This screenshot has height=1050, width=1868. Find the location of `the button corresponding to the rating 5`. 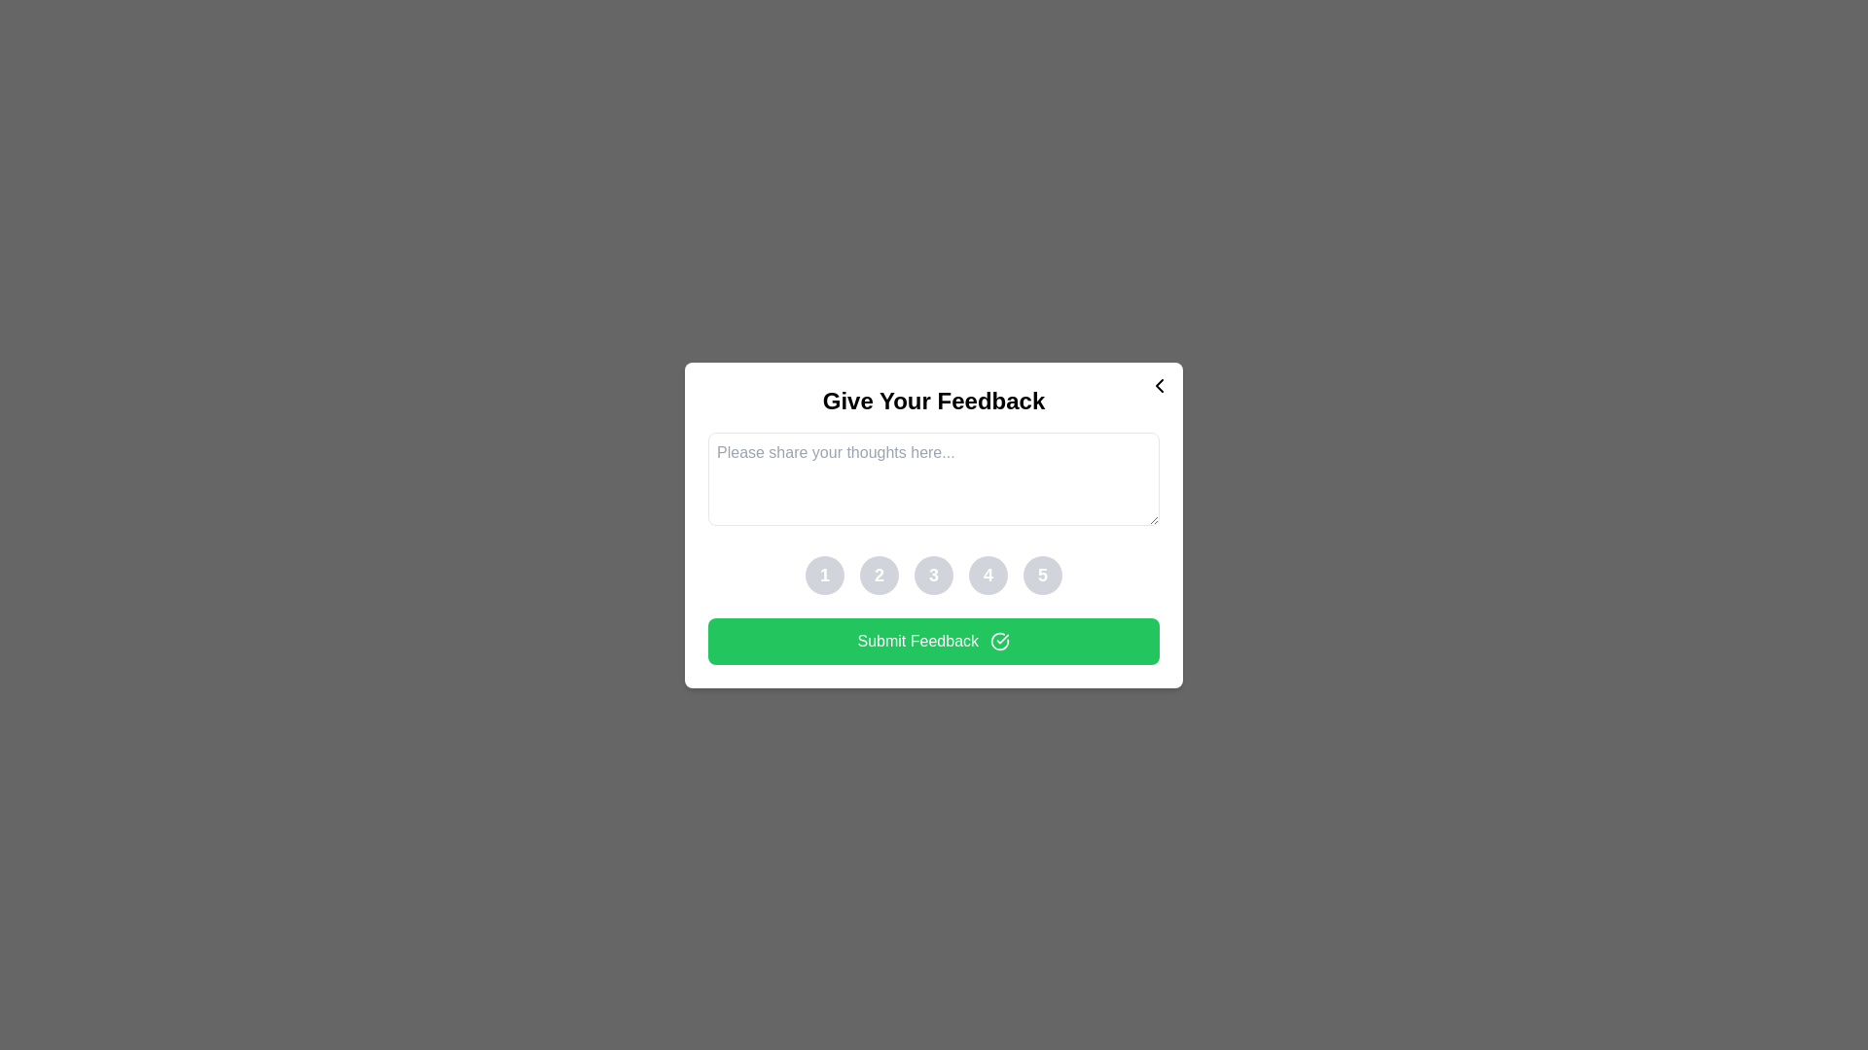

the button corresponding to the rating 5 is located at coordinates (1041, 574).